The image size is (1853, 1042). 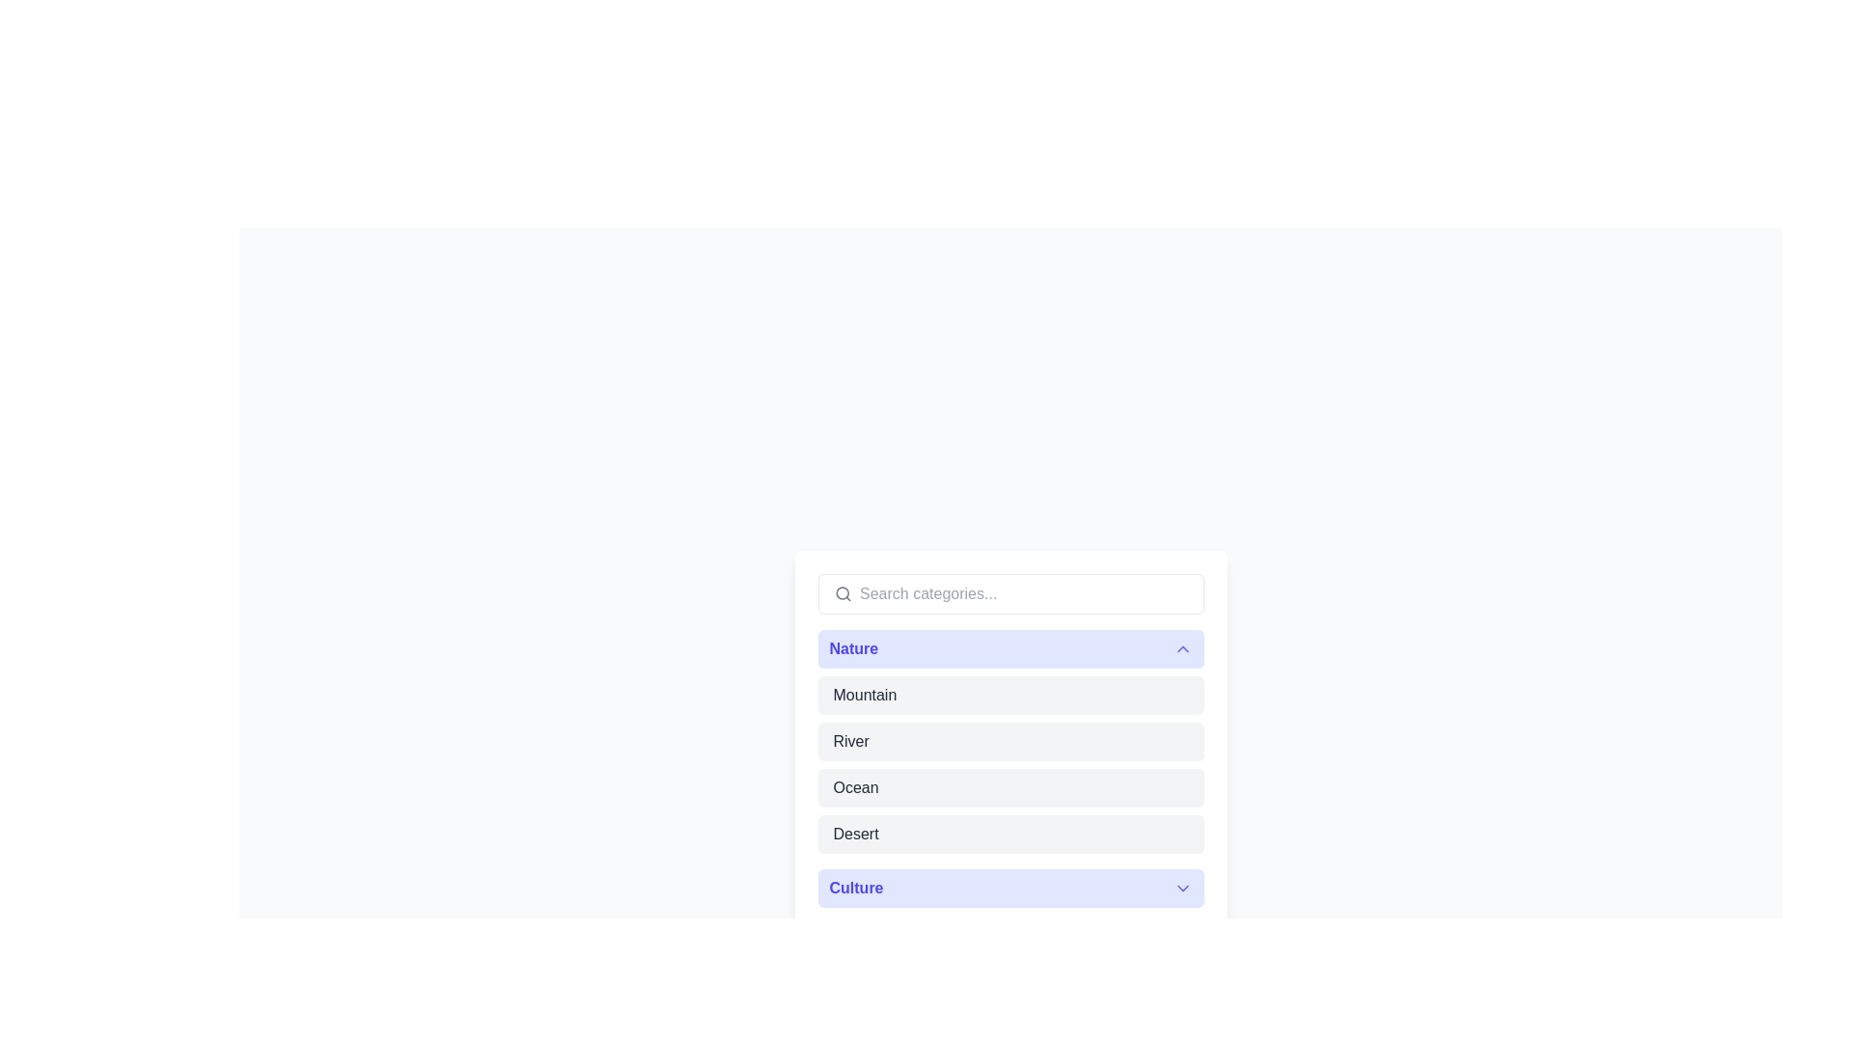 I want to click on the 'Mountain' text label in dark gray within the dropdown menu under the 'Nature' header, so click(x=864, y=696).